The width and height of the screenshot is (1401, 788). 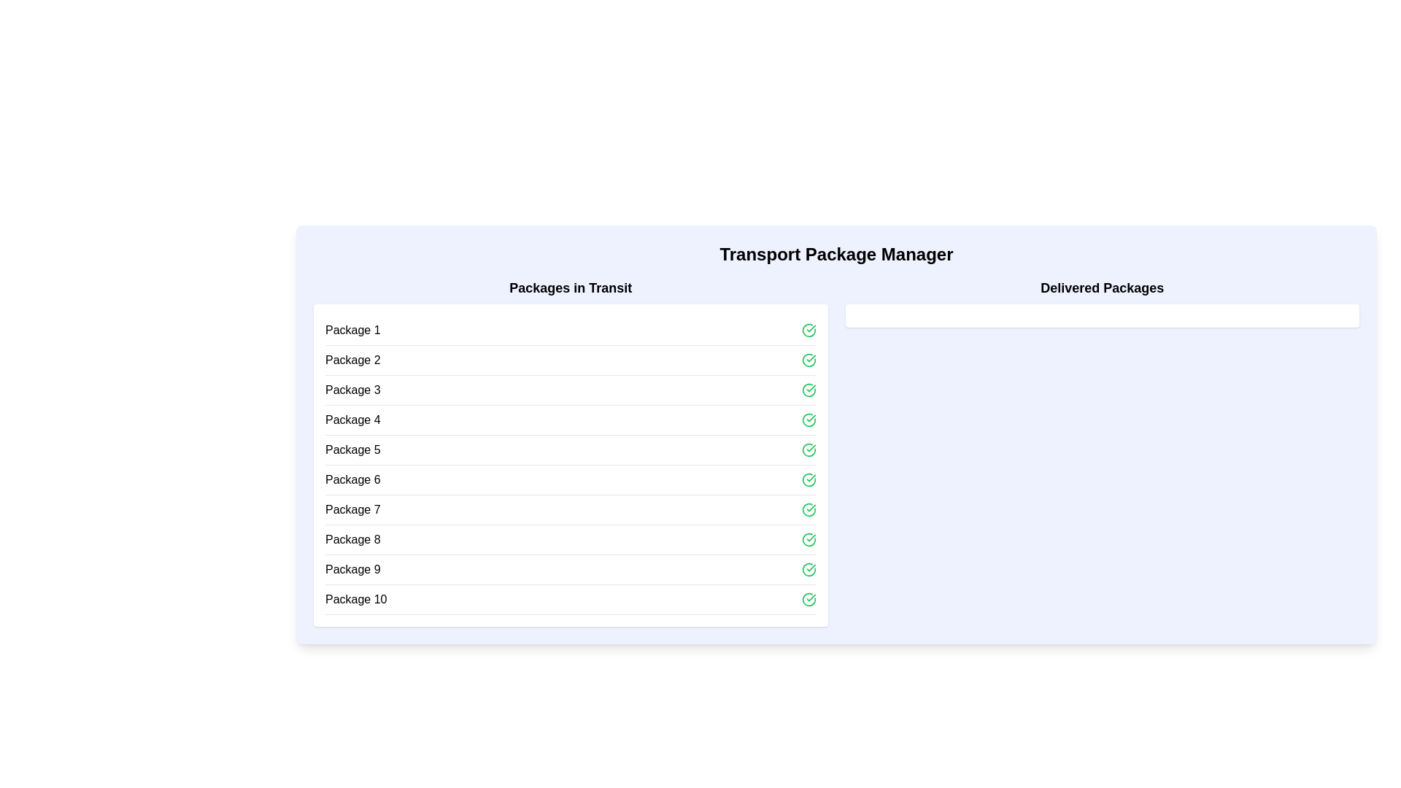 What do you see at coordinates (352, 330) in the screenshot?
I see `label for 'Package 1', which is the first item in the vertical list under the 'Packages in Transit' column` at bounding box center [352, 330].